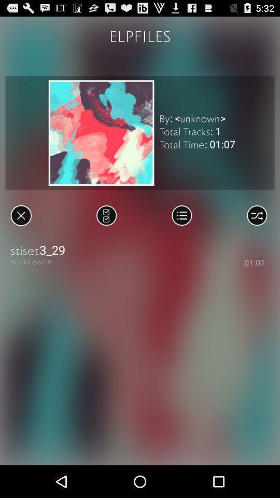  I want to click on open playlist, so click(181, 215).